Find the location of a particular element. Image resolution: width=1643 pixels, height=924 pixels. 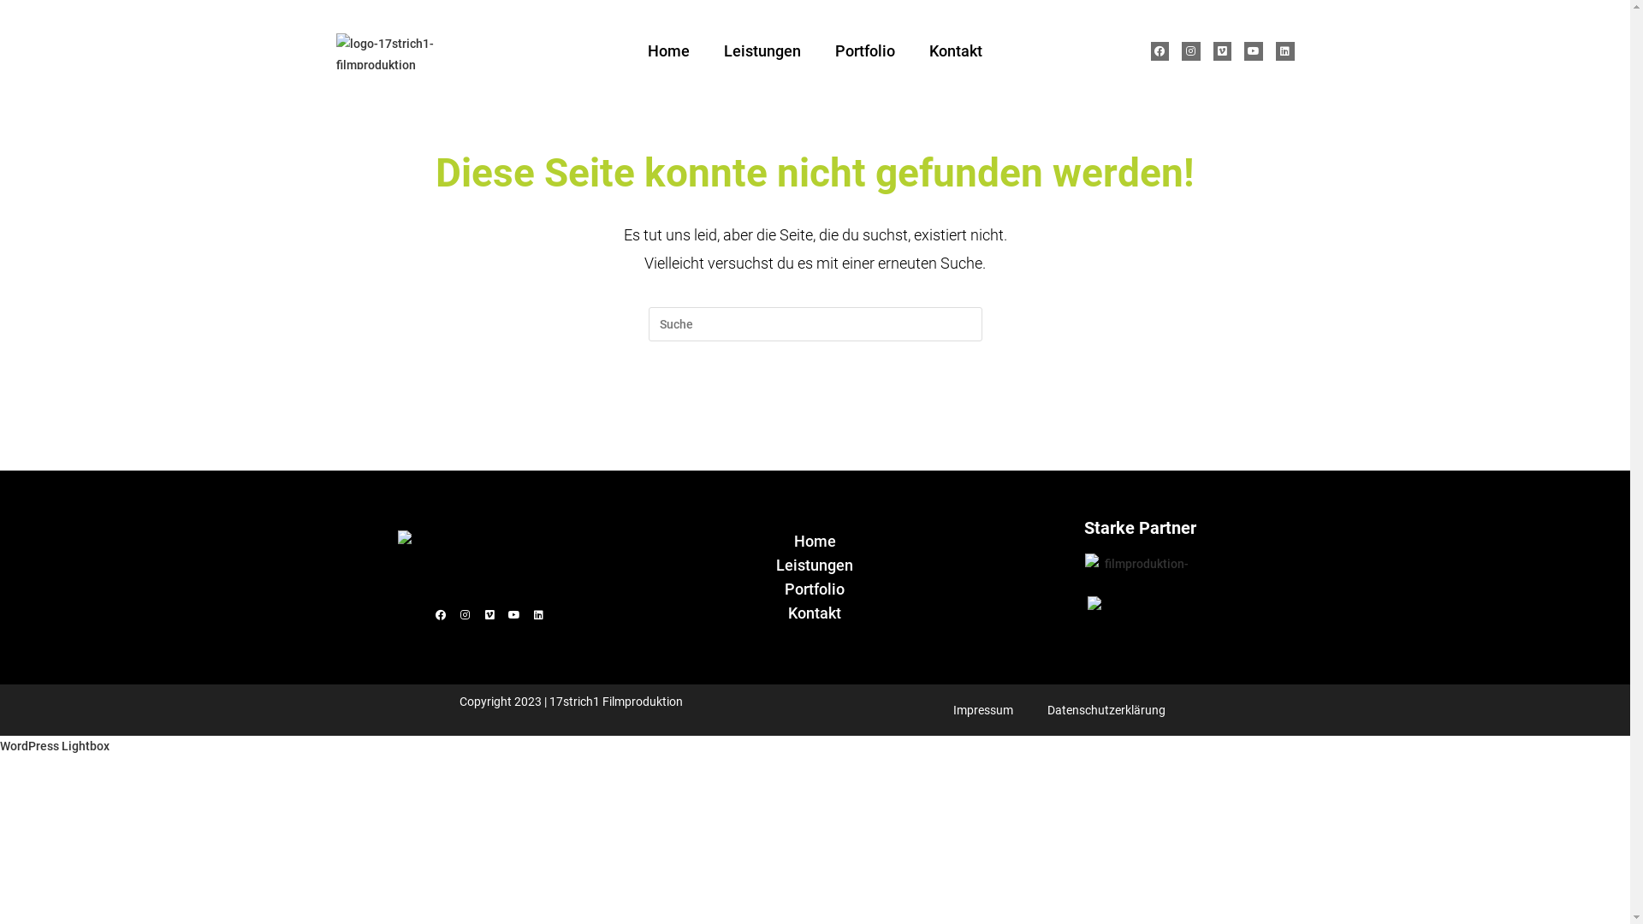

'WordPress Lightbox' is located at coordinates (0, 744).